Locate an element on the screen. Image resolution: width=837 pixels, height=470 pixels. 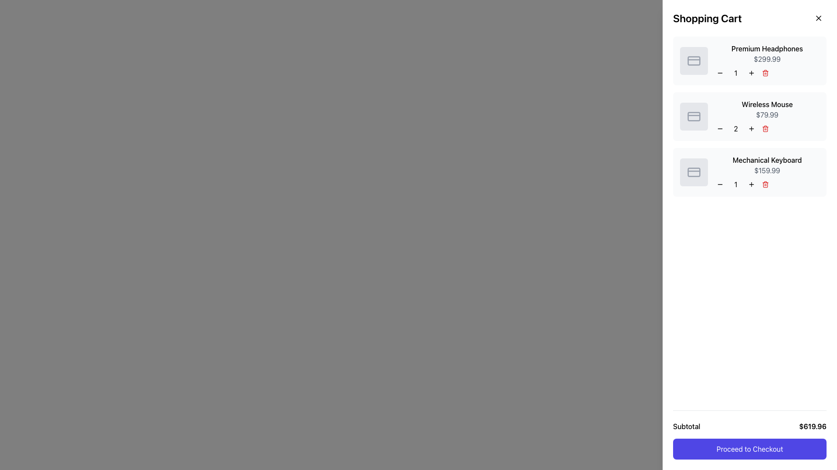
the delete icon located next to the 'Wireless Mouse' item priced at $79.99 in the shopping cart is located at coordinates (765, 129).